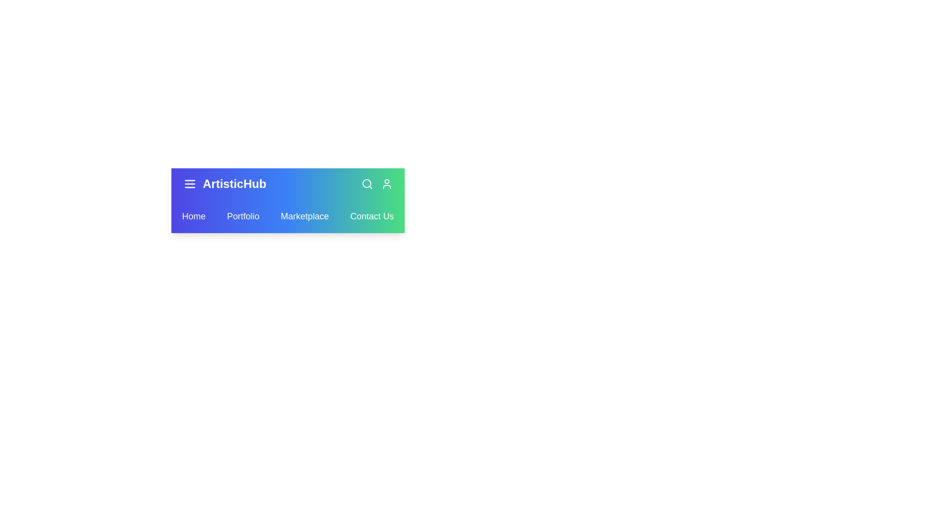  I want to click on the Contact Us link in the navbar, so click(371, 215).